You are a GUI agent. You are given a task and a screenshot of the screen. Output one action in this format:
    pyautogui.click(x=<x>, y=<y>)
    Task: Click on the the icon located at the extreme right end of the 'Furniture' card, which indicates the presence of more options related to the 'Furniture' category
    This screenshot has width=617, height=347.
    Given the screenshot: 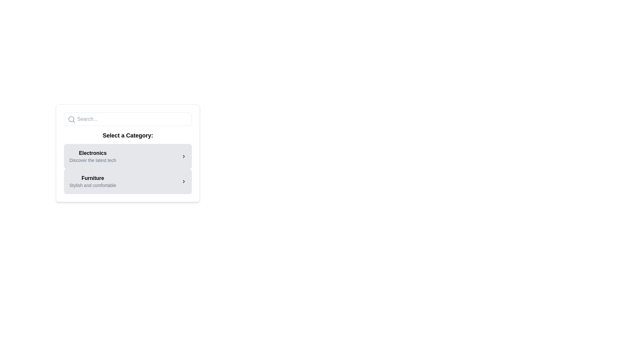 What is the action you would take?
    pyautogui.click(x=183, y=181)
    